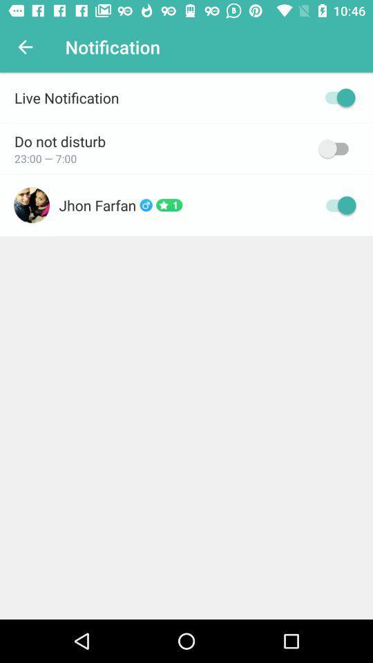 This screenshot has width=373, height=663. I want to click on the item to the left of the notification, so click(25, 47).